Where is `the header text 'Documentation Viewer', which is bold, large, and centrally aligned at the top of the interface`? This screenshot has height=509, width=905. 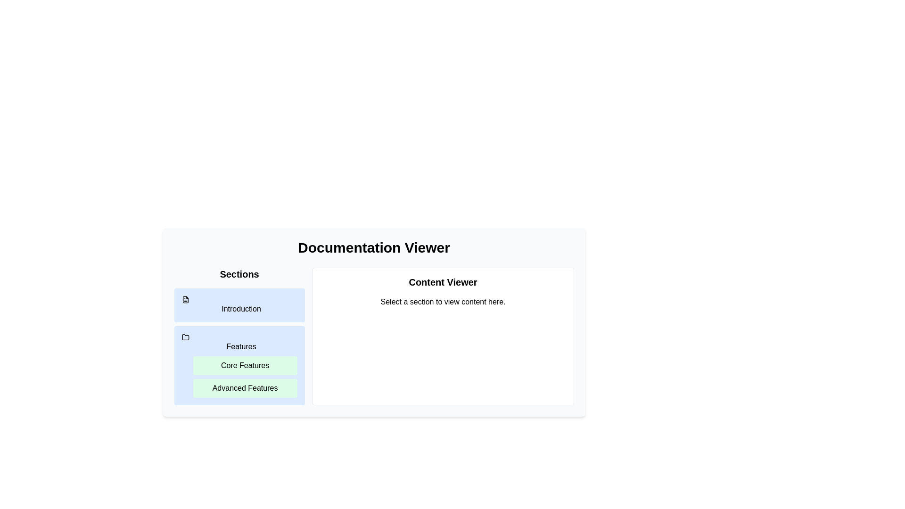
the header text 'Documentation Viewer', which is bold, large, and centrally aligned at the top of the interface is located at coordinates (373, 247).